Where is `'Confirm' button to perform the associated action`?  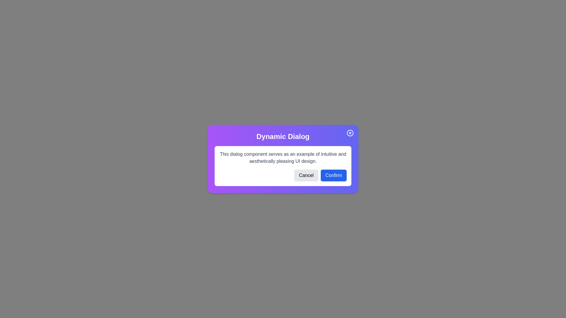
'Confirm' button to perform the associated action is located at coordinates (334, 175).